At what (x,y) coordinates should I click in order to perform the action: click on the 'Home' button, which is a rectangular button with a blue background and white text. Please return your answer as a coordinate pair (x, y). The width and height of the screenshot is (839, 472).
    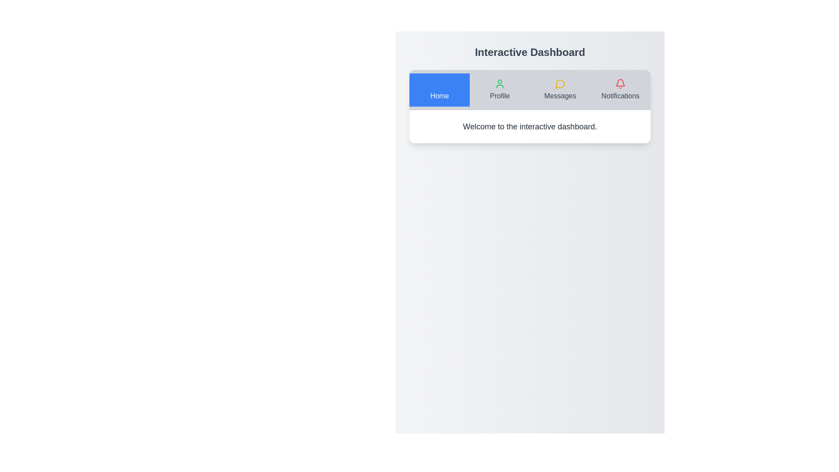
    Looking at the image, I should click on (440, 90).